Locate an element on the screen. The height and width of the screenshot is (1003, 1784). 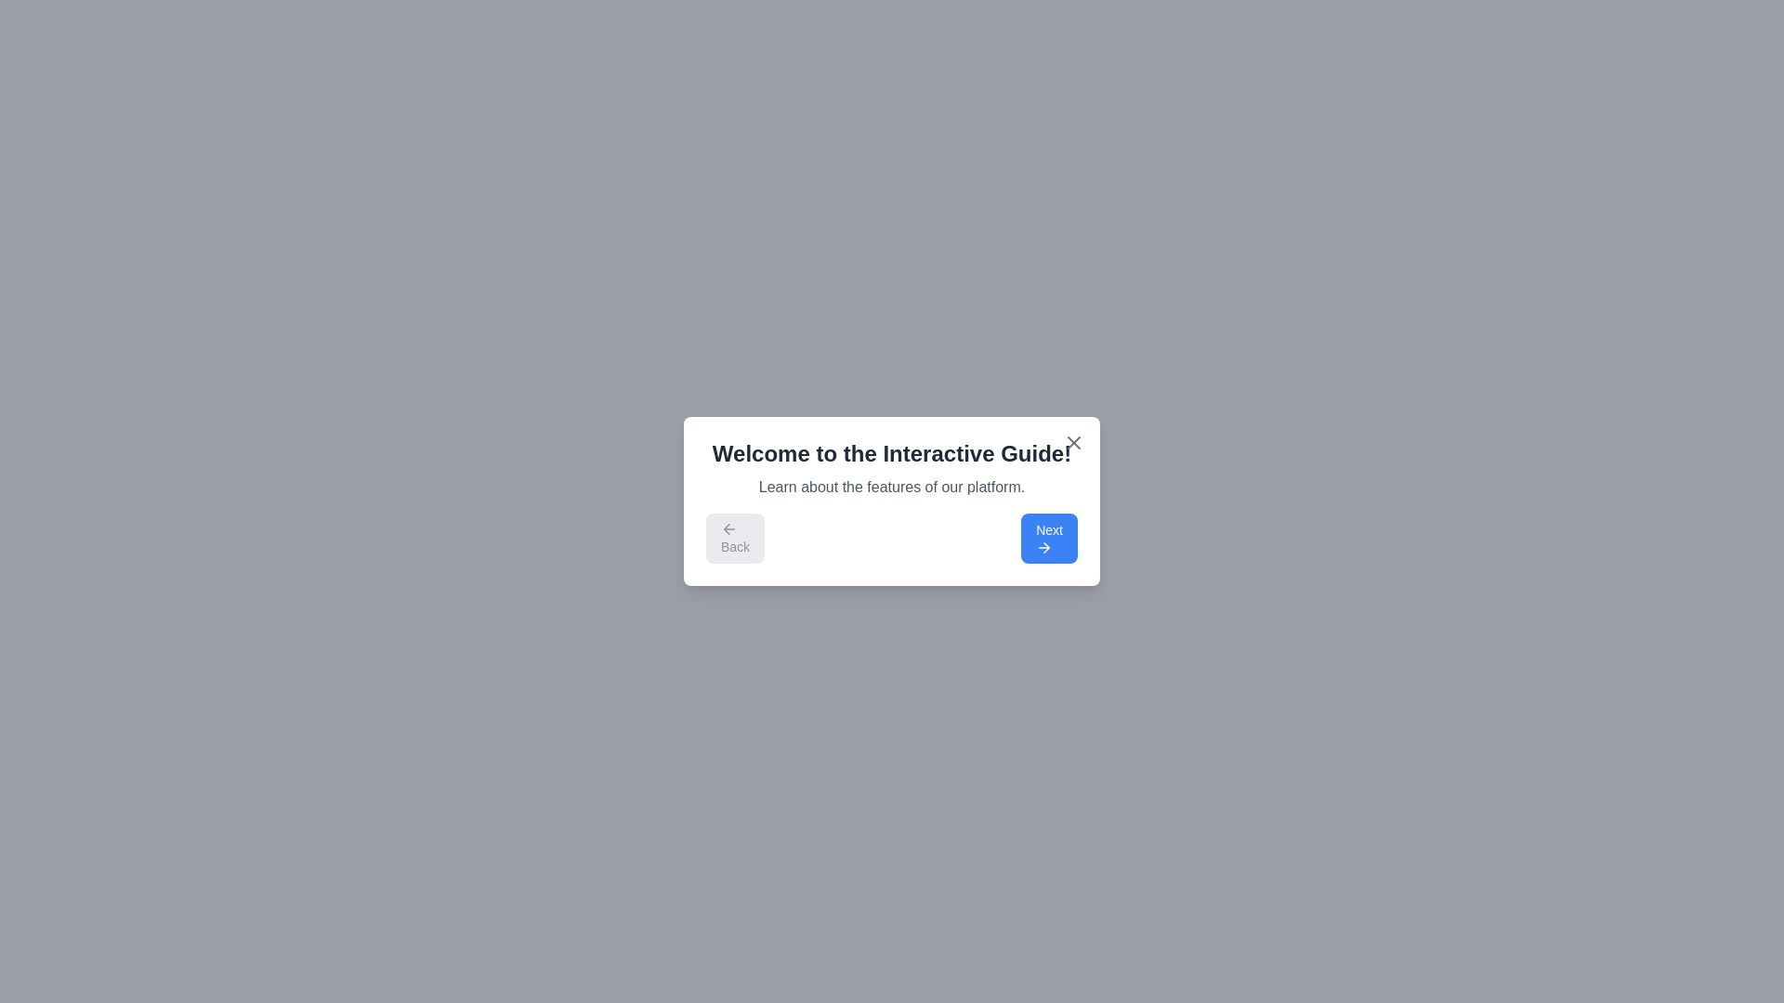
the 'Next' button in the modal dialog box that contains the rightward arrow icon, which is located in the bottom-right corner is located at coordinates (1046, 547).